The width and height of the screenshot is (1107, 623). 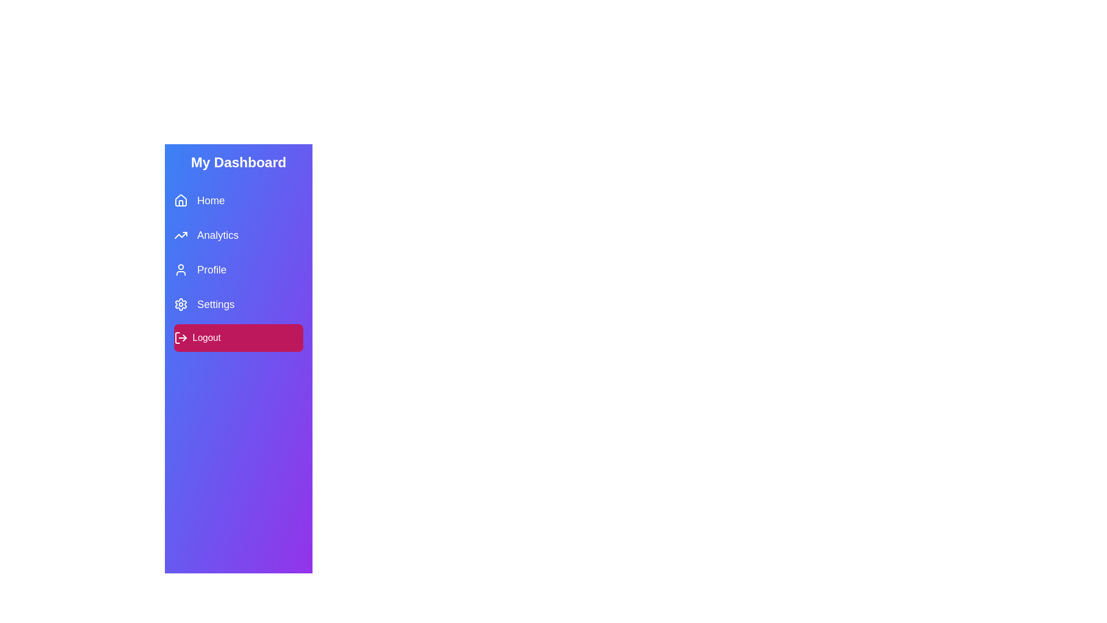 I want to click on the 'Home' text label in the navigation menu, located to the right of the house-shaped icon, so click(x=210, y=200).